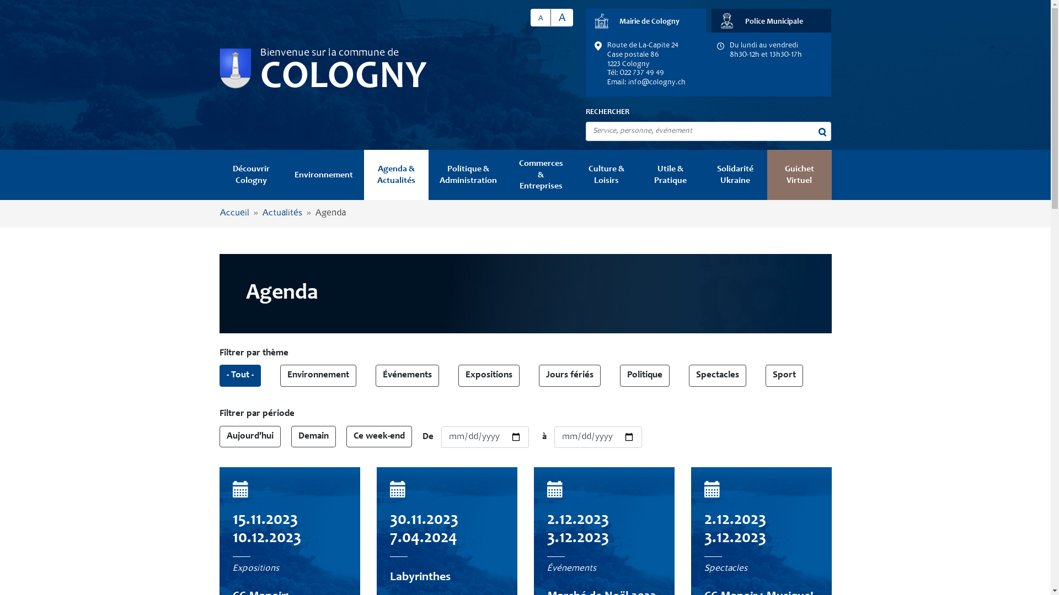  Describe the element at coordinates (799, 174) in the screenshot. I see `'Guichet Virtuel'` at that location.